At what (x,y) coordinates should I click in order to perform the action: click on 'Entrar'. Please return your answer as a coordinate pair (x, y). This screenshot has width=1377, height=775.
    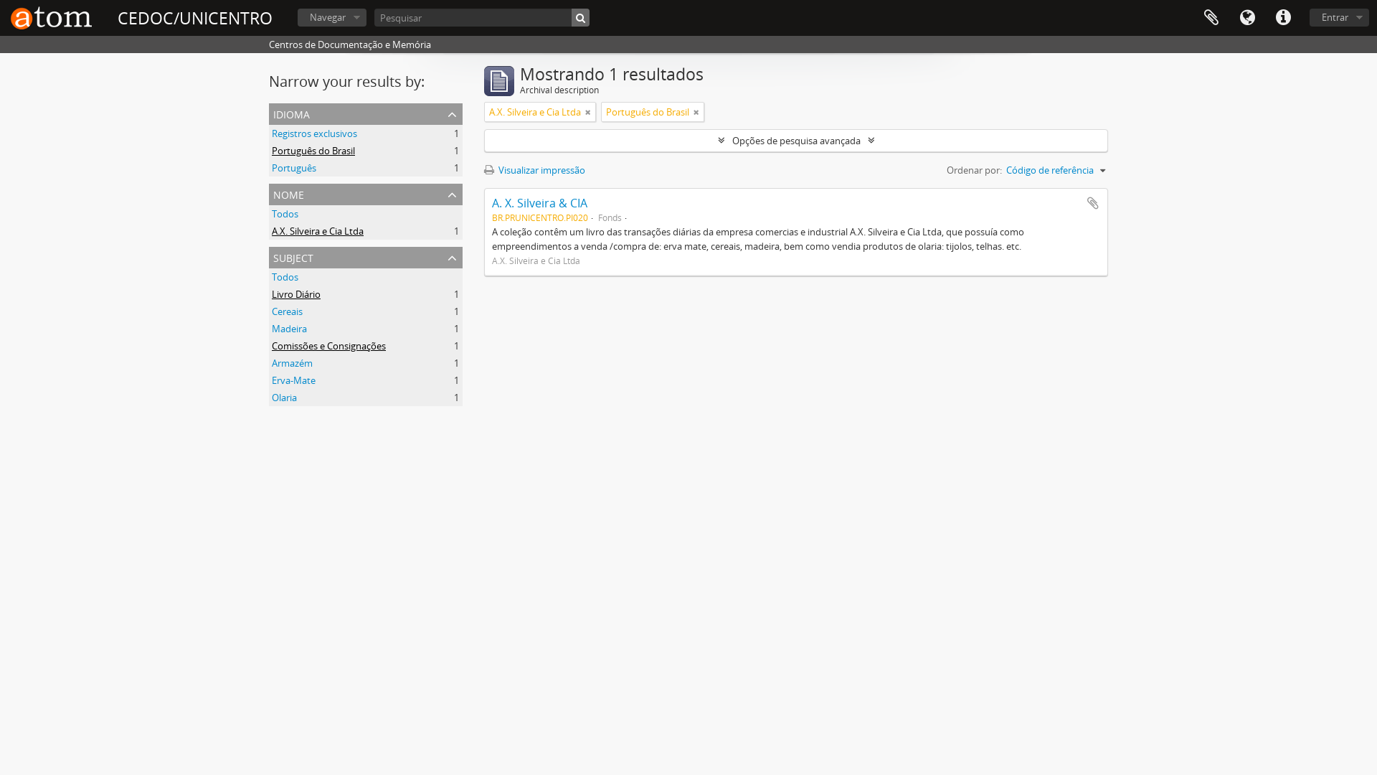
    Looking at the image, I should click on (1338, 17).